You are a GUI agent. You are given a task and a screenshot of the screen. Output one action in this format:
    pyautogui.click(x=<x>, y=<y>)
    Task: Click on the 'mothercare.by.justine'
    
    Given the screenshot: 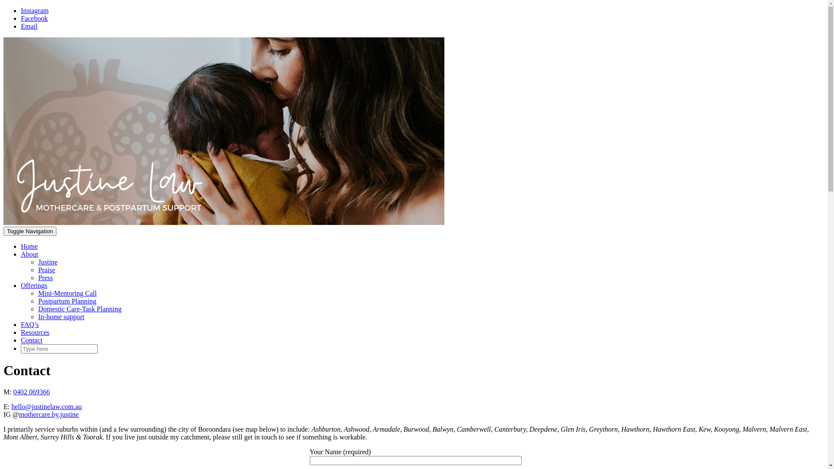 What is the action you would take?
    pyautogui.click(x=49, y=414)
    